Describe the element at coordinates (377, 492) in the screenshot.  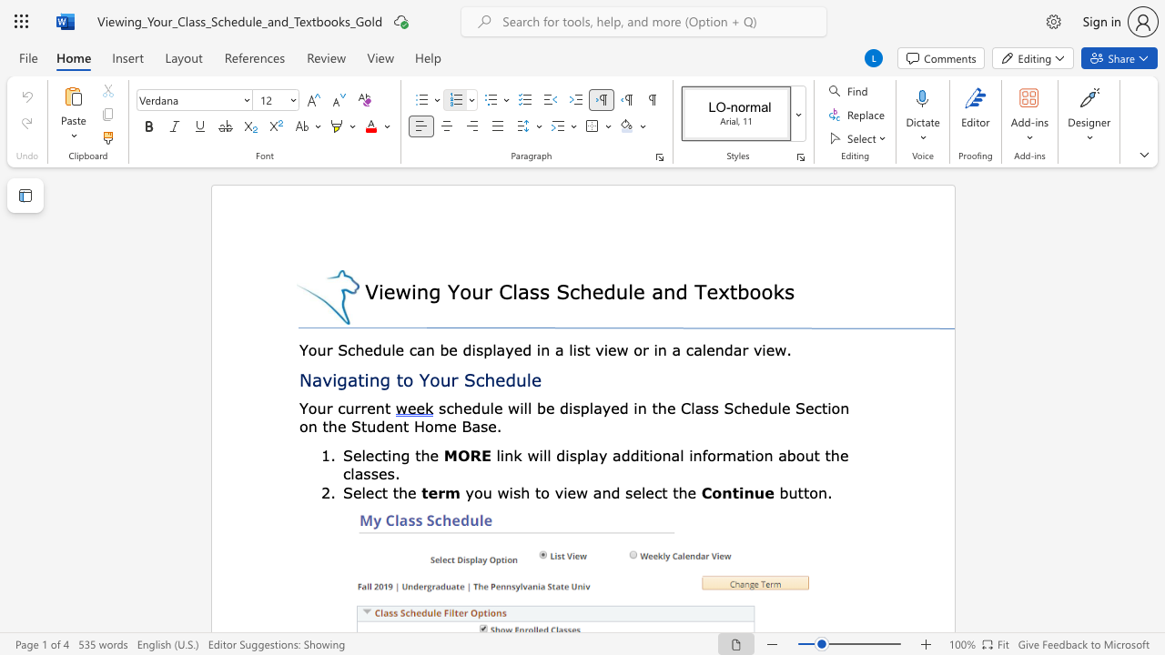
I see `the 1th character "c" in the text` at that location.